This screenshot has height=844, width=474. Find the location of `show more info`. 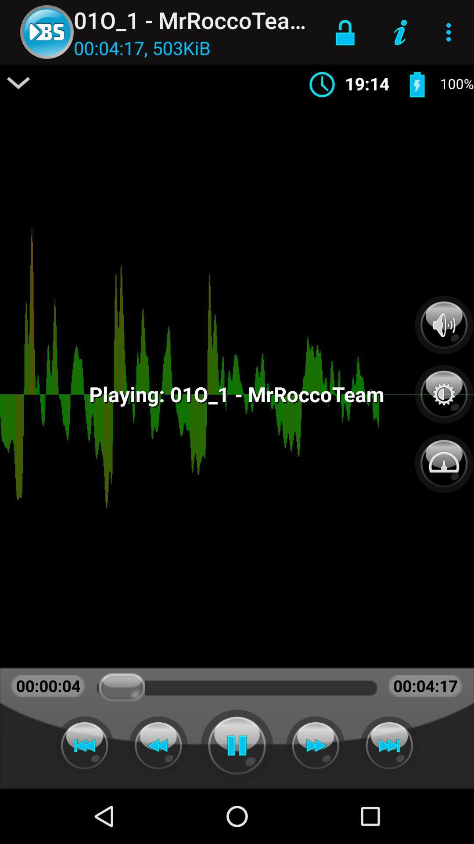

show more info is located at coordinates (18, 83).